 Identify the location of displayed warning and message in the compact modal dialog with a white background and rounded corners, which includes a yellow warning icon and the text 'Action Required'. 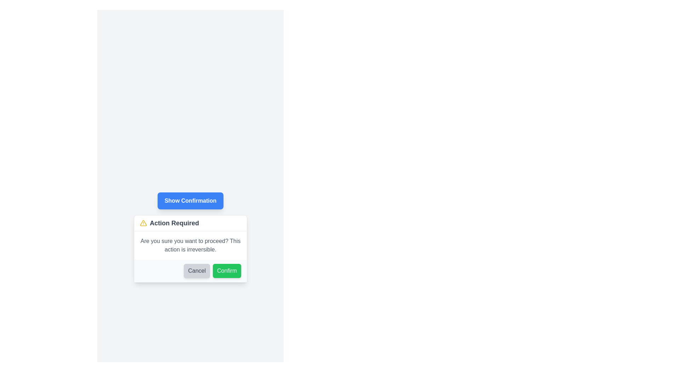
(190, 248).